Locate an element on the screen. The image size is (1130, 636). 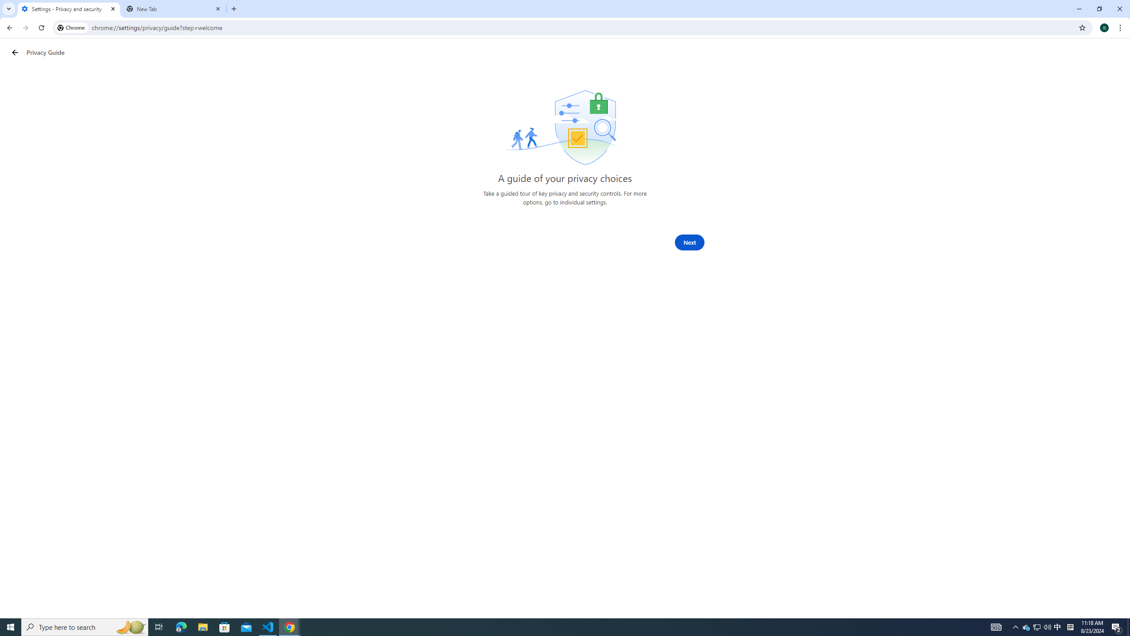
'New Tab' is located at coordinates (174, 8).